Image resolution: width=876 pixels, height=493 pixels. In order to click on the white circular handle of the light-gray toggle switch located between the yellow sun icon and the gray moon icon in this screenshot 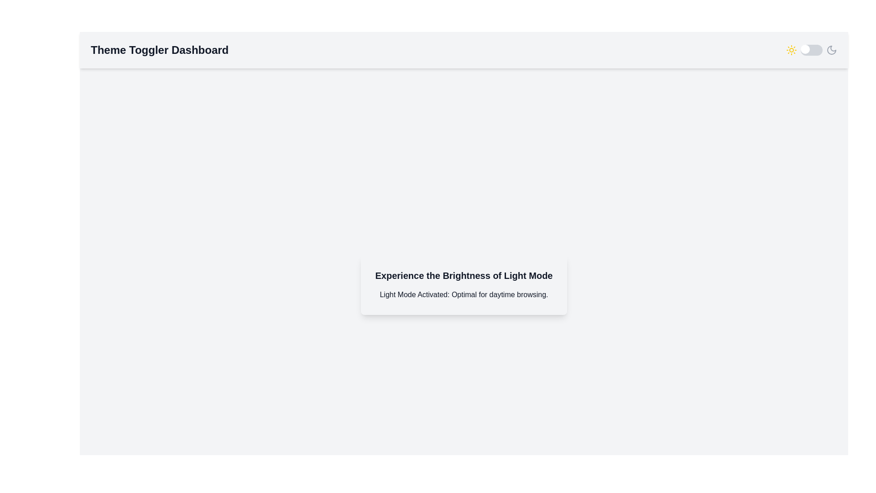, I will do `click(812, 50)`.